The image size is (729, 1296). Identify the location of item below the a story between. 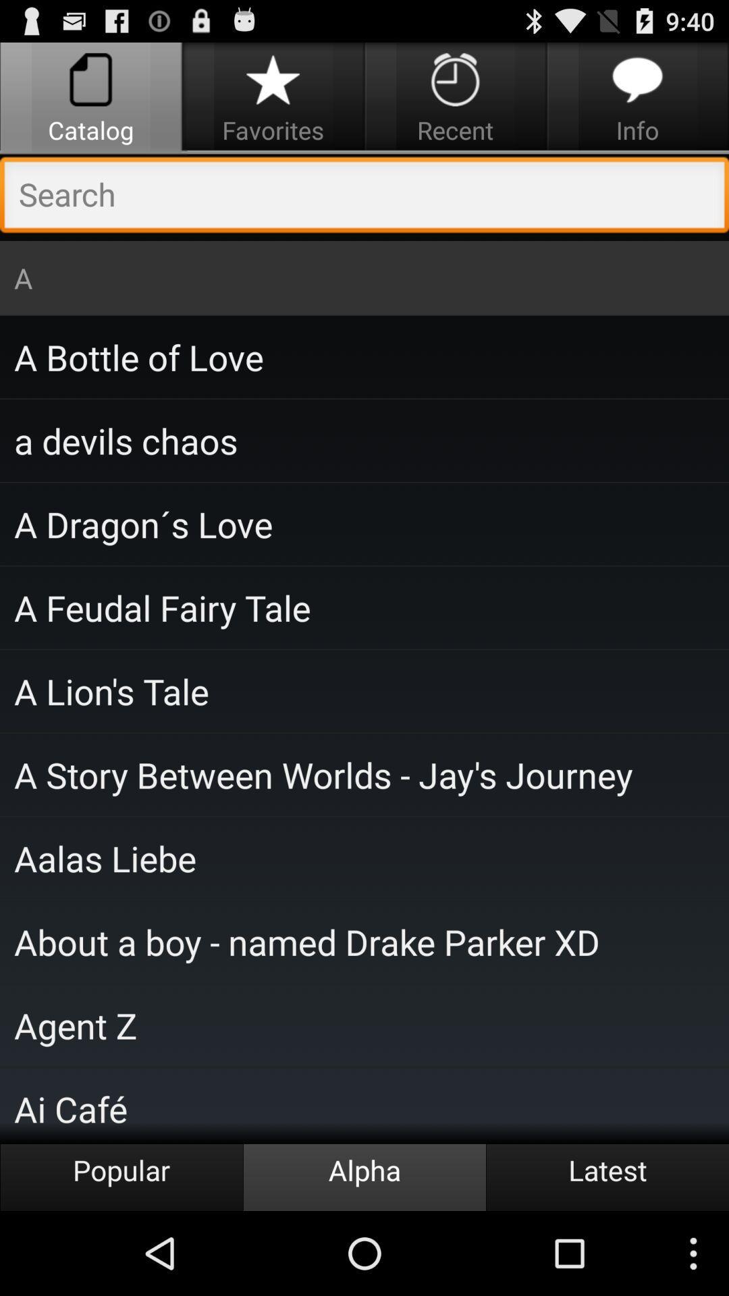
(364, 857).